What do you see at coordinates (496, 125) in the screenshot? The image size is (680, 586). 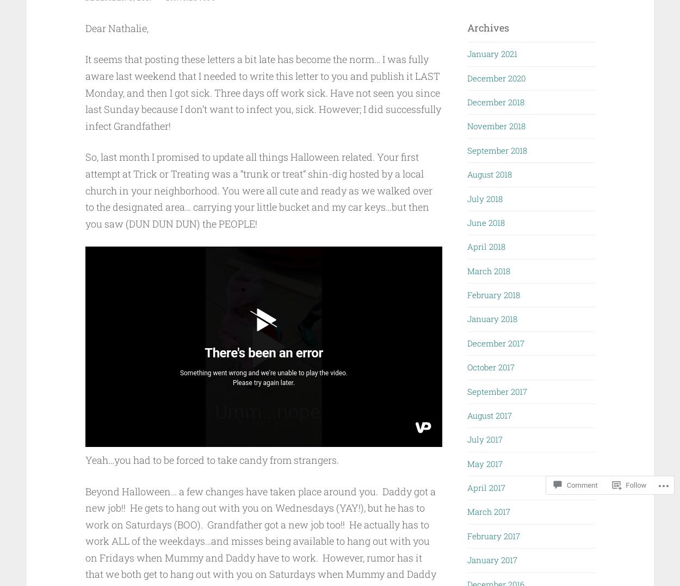 I see `'November 2018'` at bounding box center [496, 125].